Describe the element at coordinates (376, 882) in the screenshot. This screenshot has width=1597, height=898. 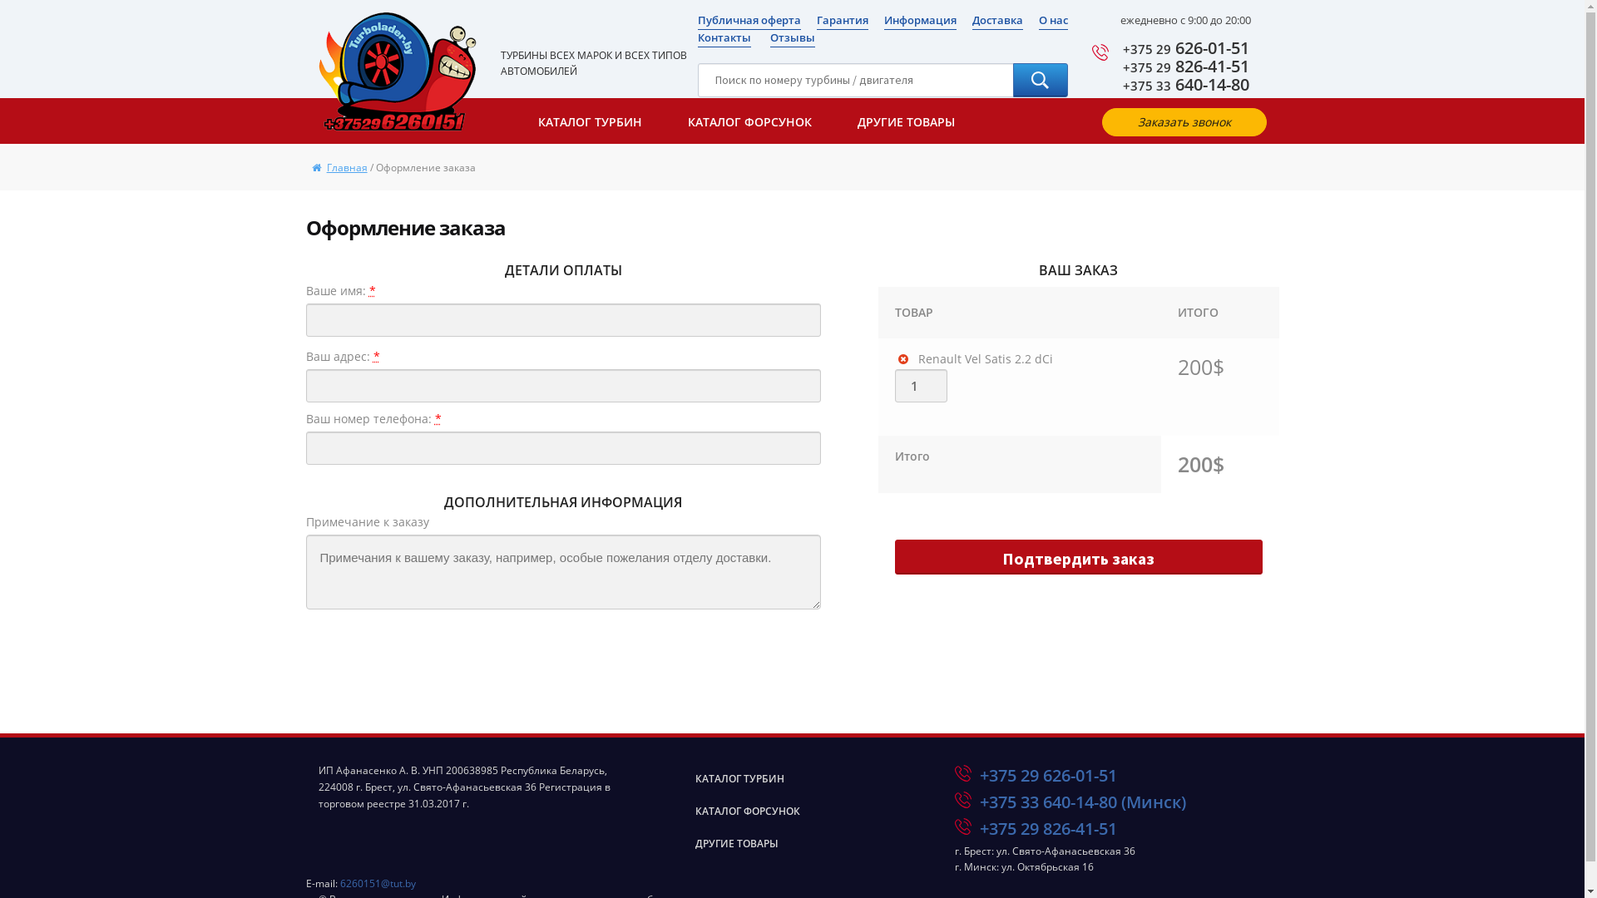
I see `'6260151@tut.by'` at that location.